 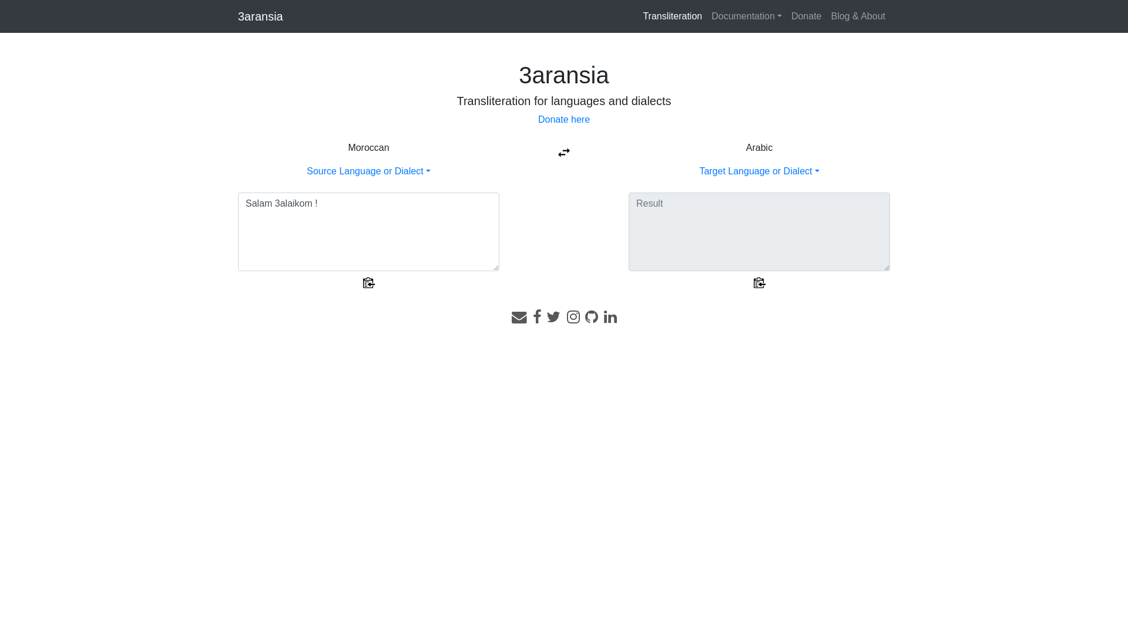 What do you see at coordinates (260, 16) in the screenshot?
I see `'3aransia'` at bounding box center [260, 16].